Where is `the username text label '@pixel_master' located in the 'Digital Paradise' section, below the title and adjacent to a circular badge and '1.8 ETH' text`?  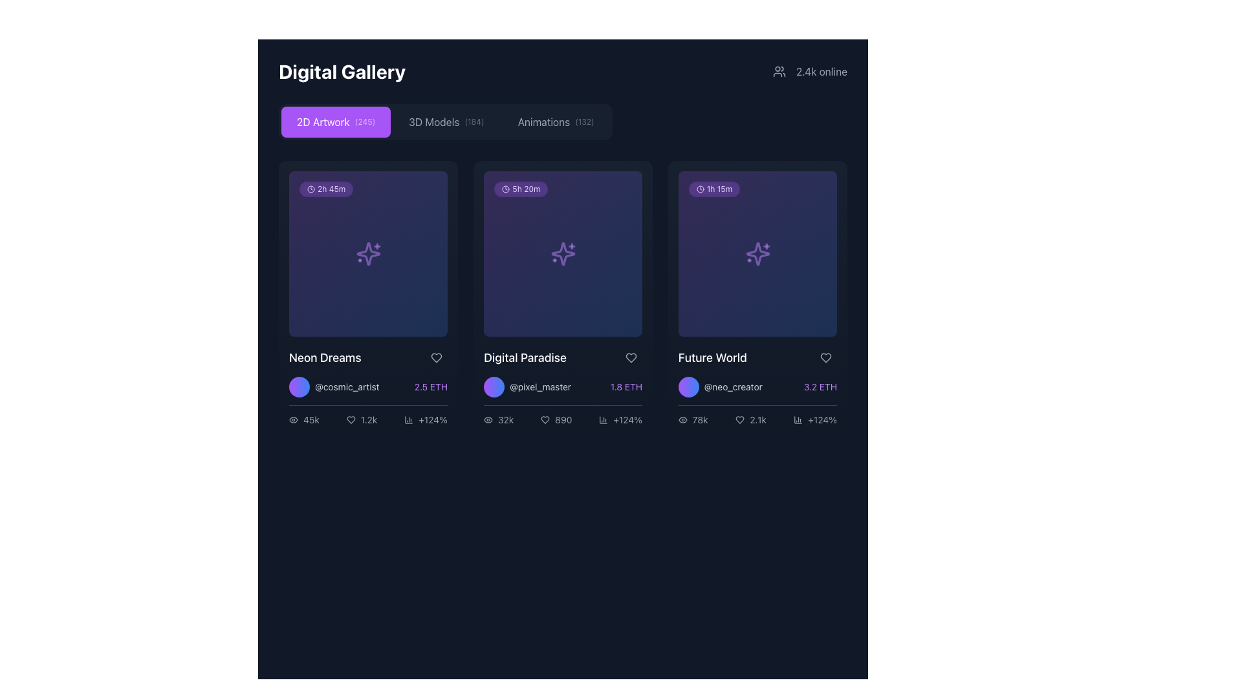 the username text label '@pixel_master' located in the 'Digital Paradise' section, below the title and adjacent to a circular badge and '1.8 ETH' text is located at coordinates (563, 386).